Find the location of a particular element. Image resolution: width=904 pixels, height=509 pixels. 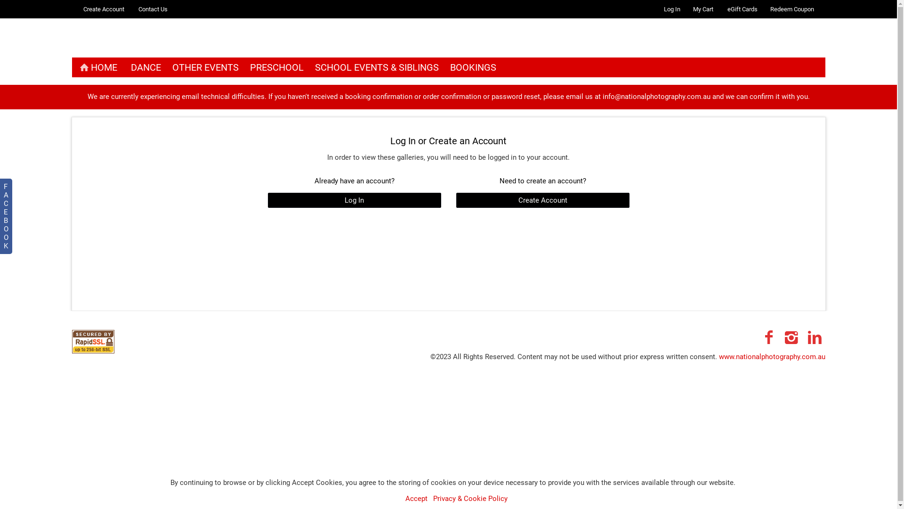

'eGift Cards' is located at coordinates (726, 9).